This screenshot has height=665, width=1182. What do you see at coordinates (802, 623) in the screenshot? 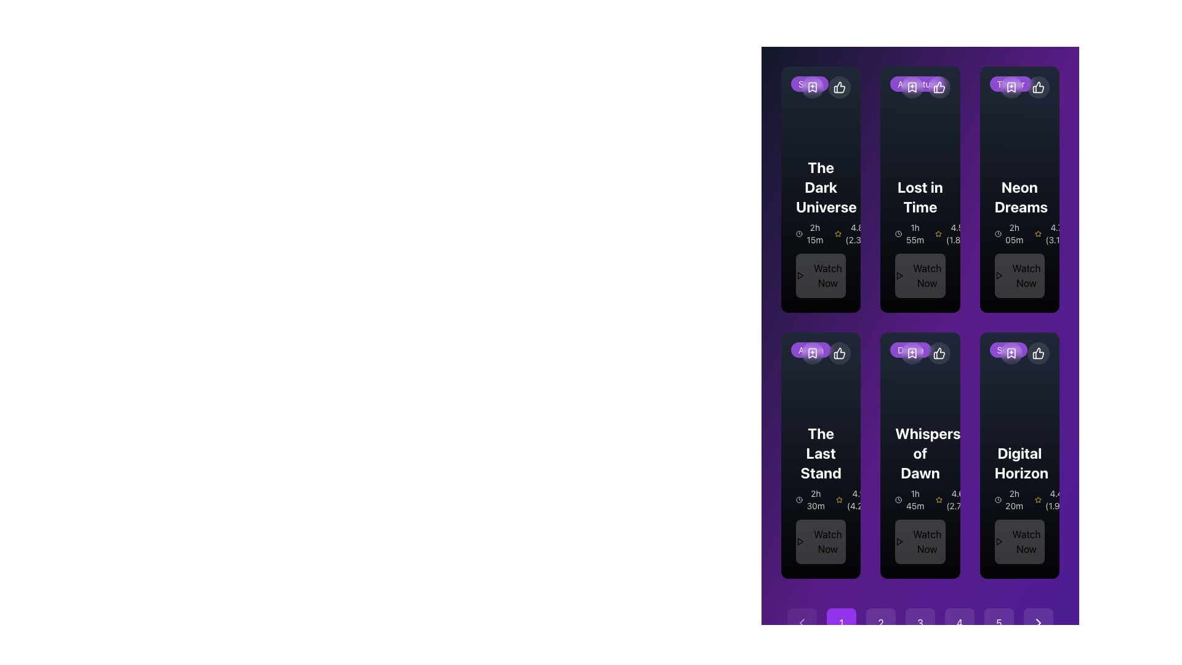
I see `the left-facing chevron button with a semi-transparent dark background located in the bottom center navigation bar to trigger the hover effect` at bounding box center [802, 623].